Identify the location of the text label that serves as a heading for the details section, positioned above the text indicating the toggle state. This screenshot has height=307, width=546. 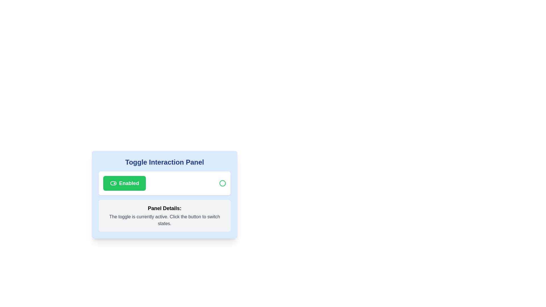
(164, 208).